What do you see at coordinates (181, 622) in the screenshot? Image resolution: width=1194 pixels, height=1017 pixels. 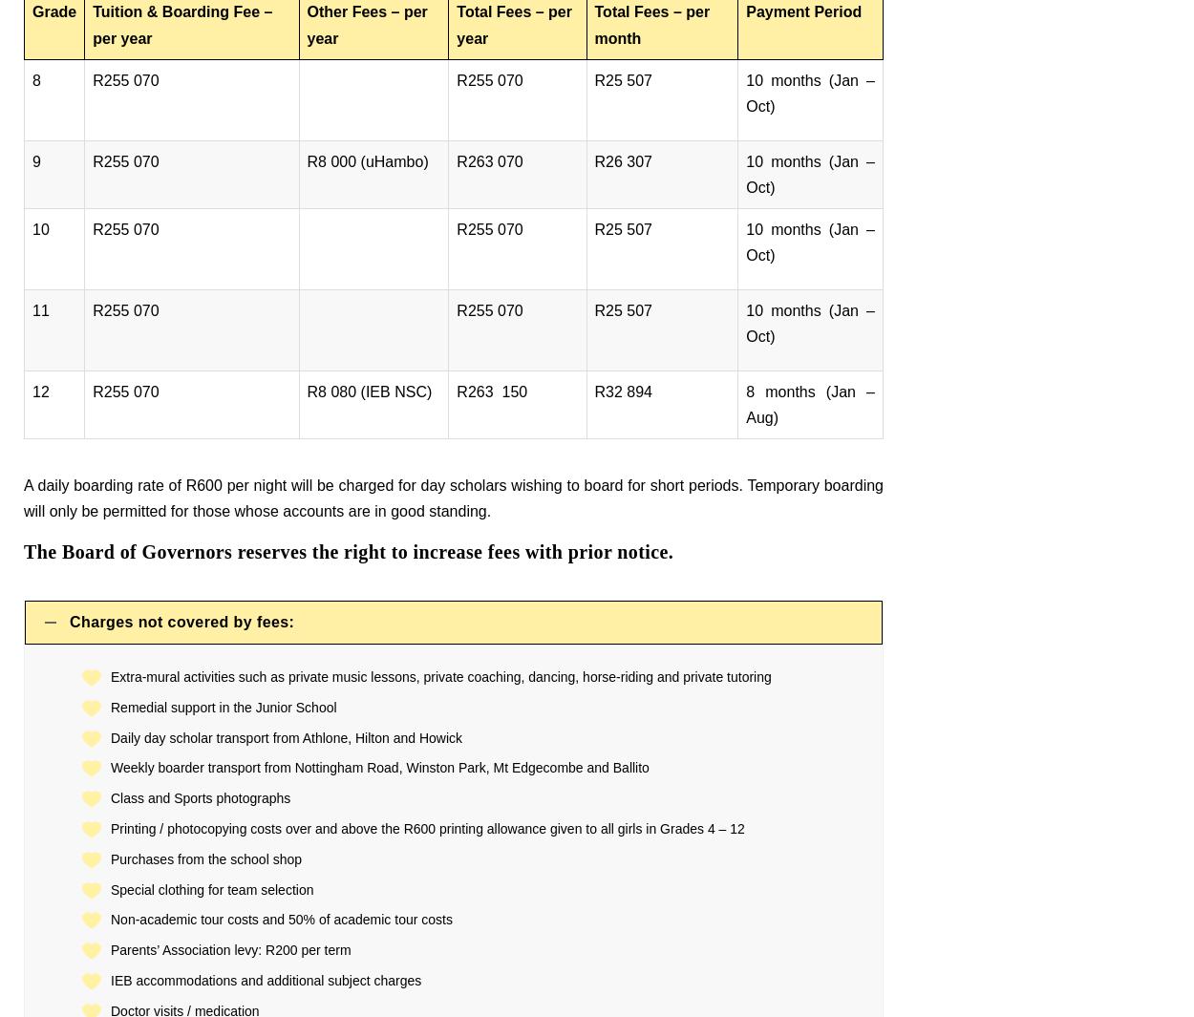 I see `'Charges not covered by fees:'` at bounding box center [181, 622].